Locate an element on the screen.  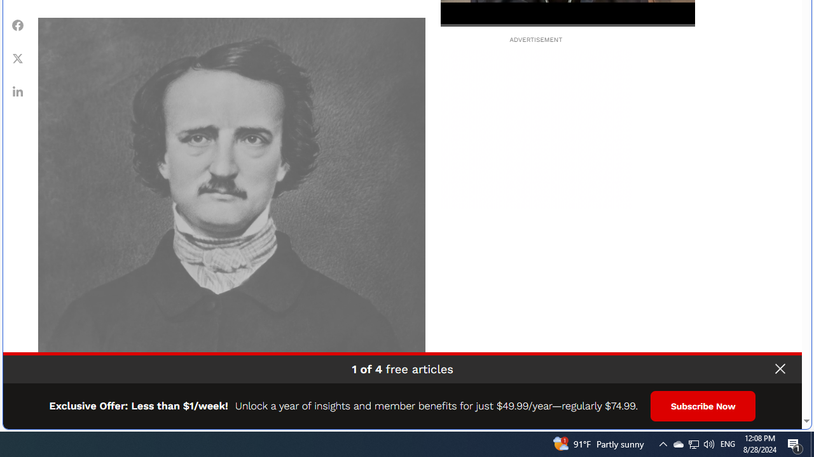
'Class: fs-icon fs-icon--linkedin' is located at coordinates (18, 90).